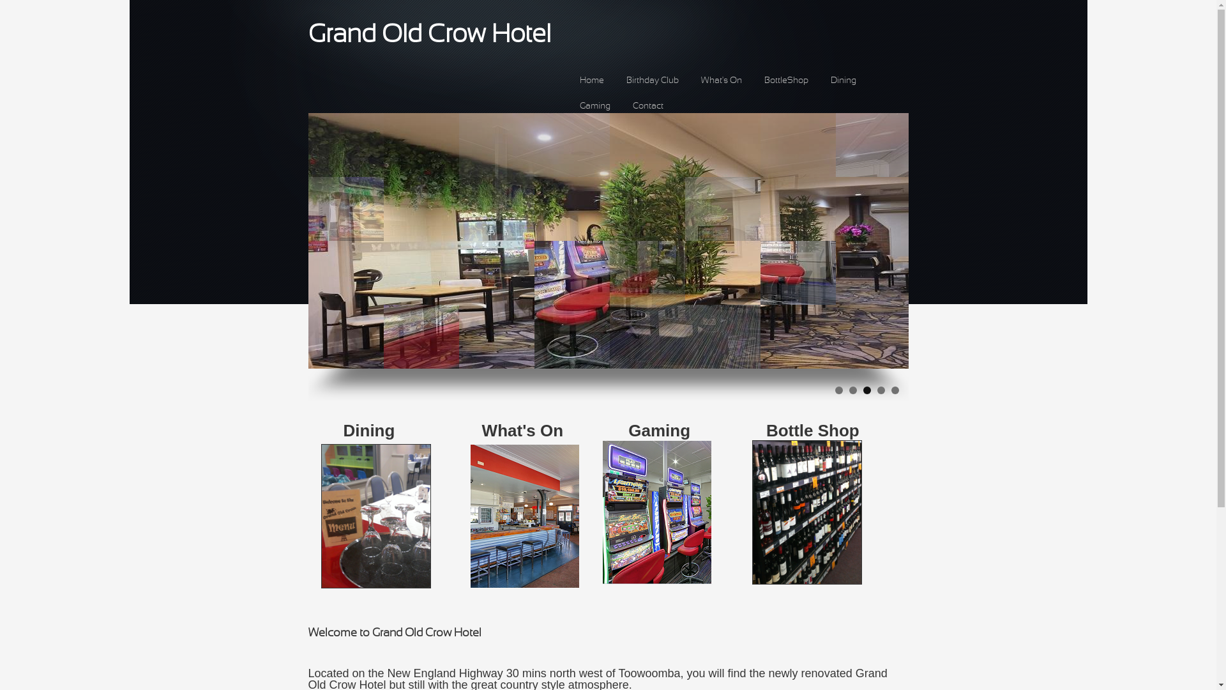 The width and height of the screenshot is (1226, 690). What do you see at coordinates (572, 105) in the screenshot?
I see `'Gaming'` at bounding box center [572, 105].